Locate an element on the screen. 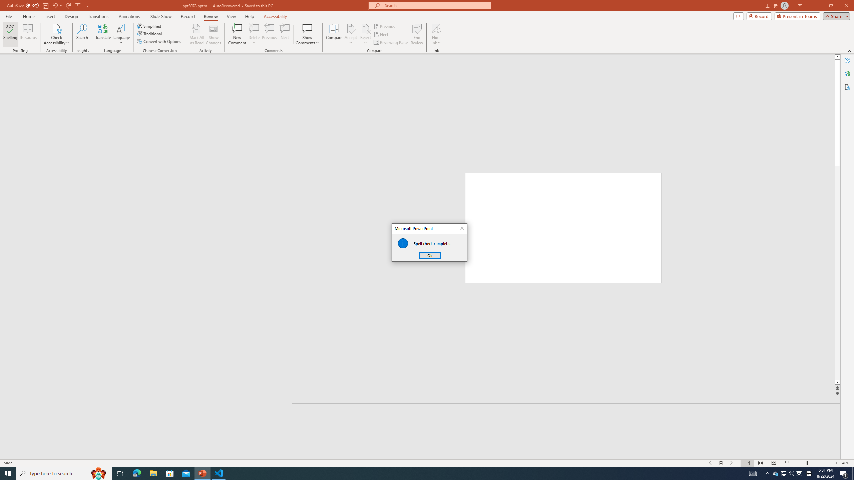 The height and width of the screenshot is (480, 854). 'Translator' is located at coordinates (847, 74).